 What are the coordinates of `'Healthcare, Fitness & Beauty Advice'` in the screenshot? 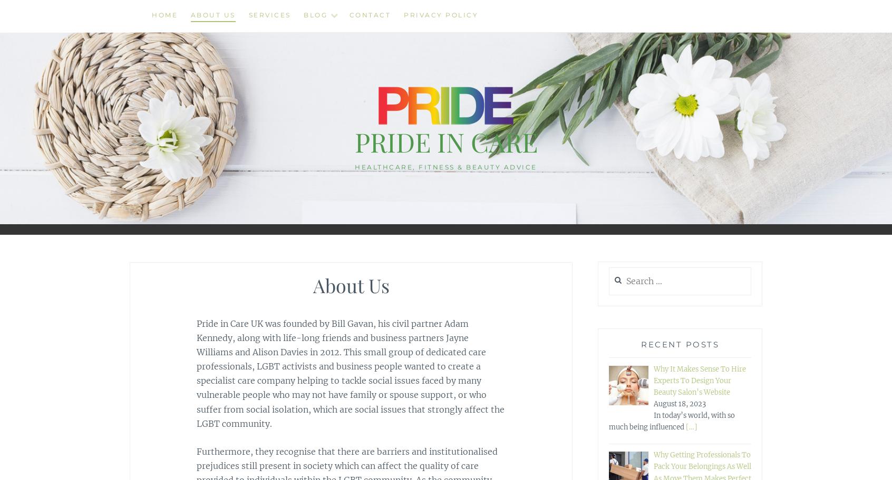 It's located at (445, 166).